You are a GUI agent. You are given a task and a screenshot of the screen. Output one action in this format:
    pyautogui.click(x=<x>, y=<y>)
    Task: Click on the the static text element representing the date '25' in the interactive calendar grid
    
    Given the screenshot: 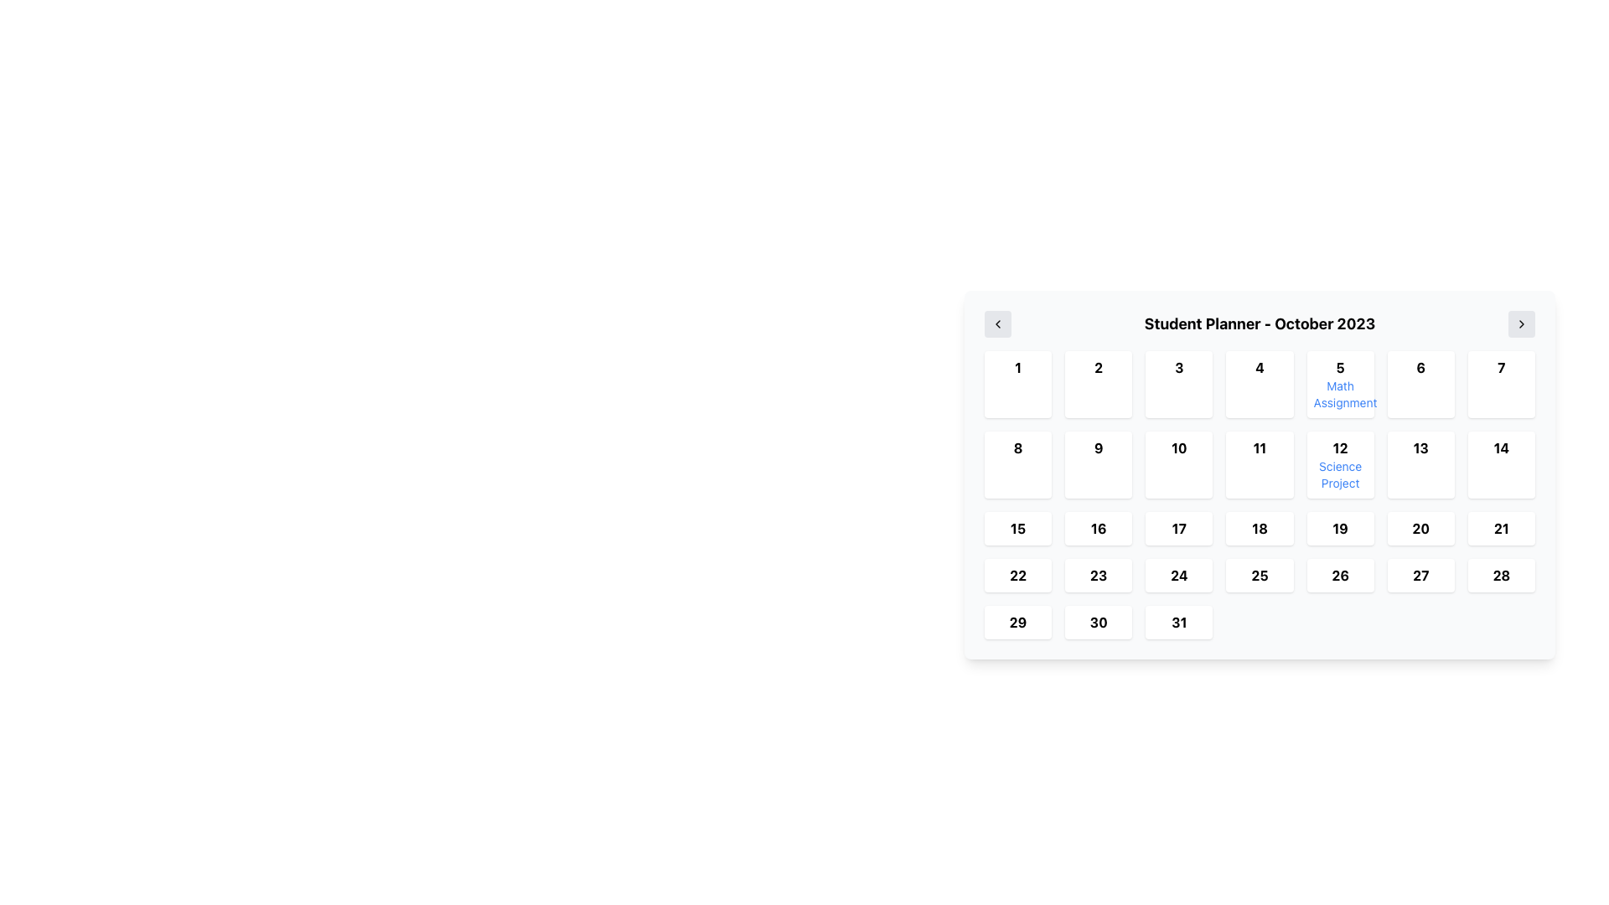 What is the action you would take?
    pyautogui.click(x=1260, y=574)
    